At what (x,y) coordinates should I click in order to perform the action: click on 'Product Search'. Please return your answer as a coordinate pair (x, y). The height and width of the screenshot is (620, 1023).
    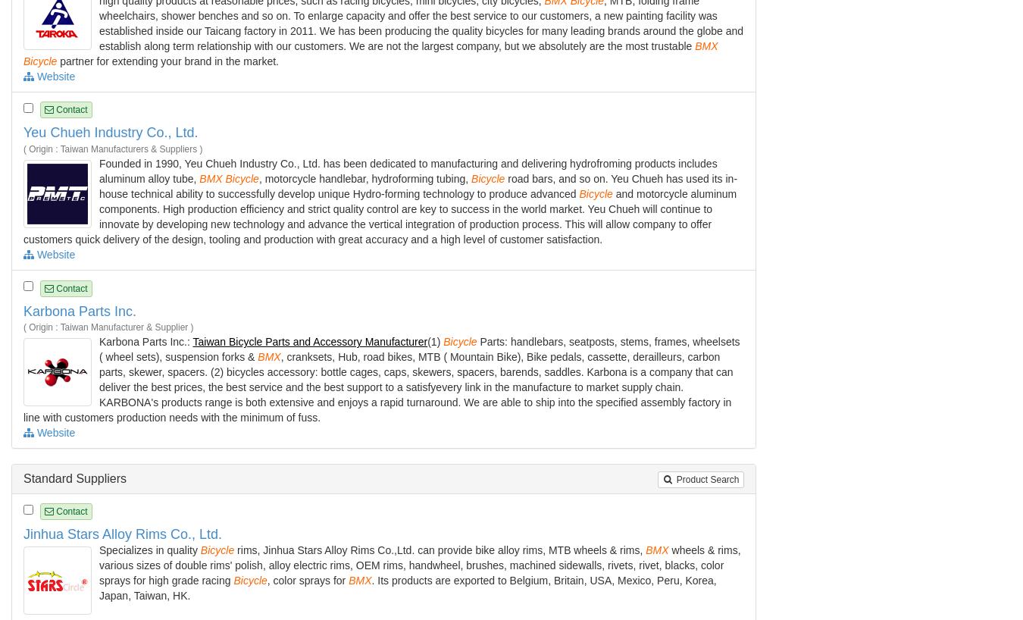
    Looking at the image, I should click on (705, 478).